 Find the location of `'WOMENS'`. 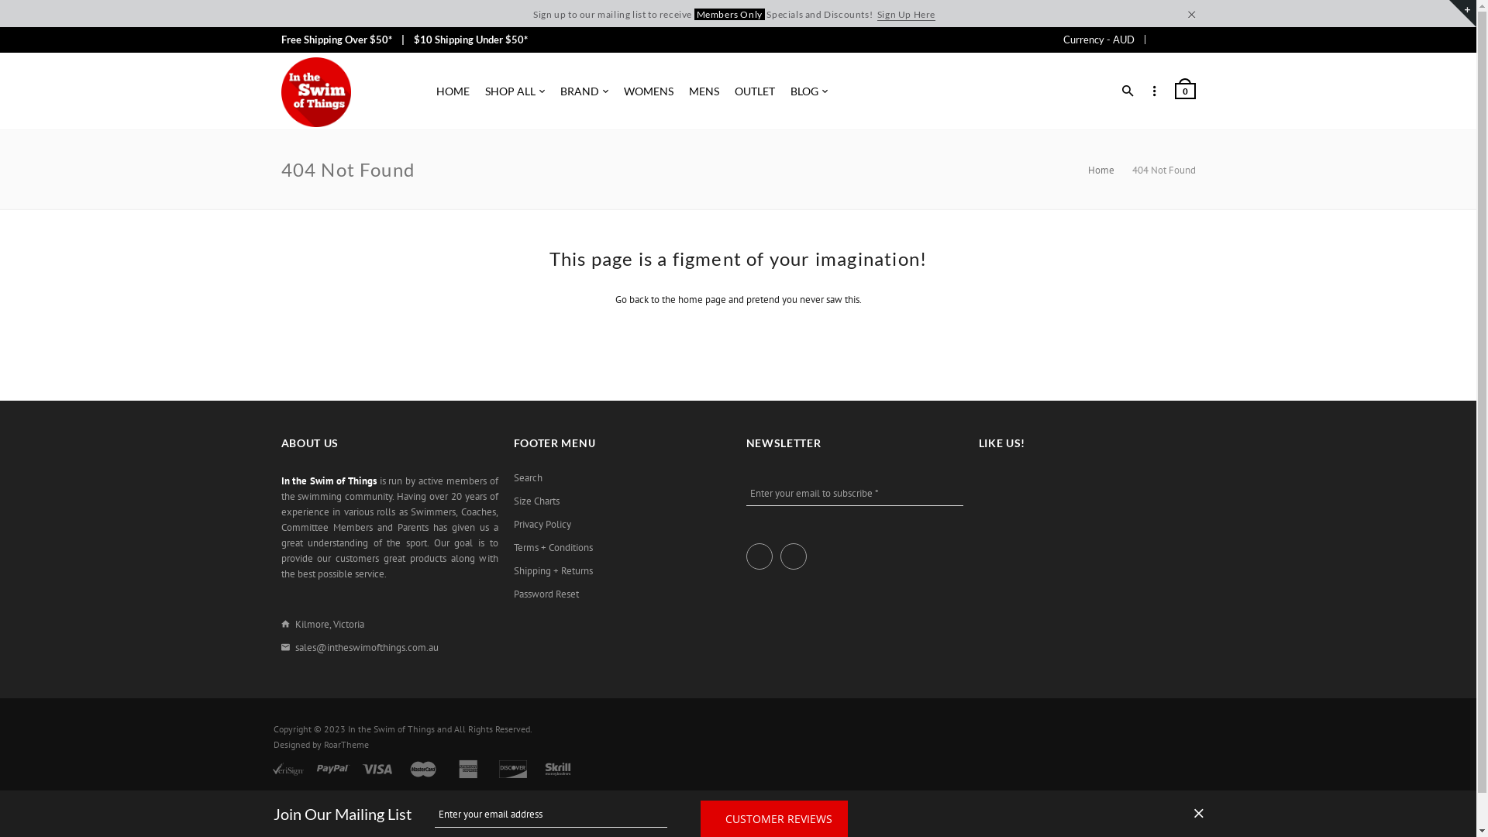

'WOMENS' is located at coordinates (647, 91).